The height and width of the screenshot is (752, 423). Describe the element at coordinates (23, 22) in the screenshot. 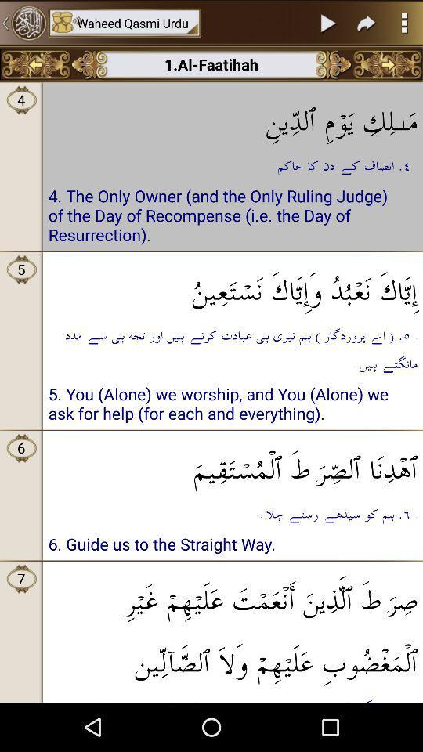

I see `home` at that location.